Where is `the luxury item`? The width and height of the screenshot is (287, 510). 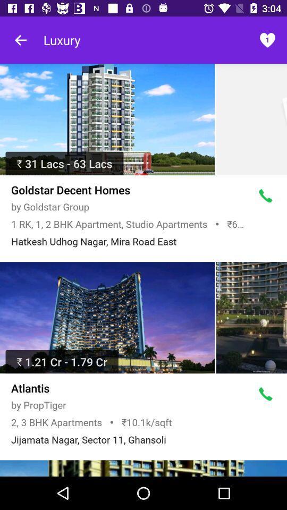
the luxury item is located at coordinates (62, 40).